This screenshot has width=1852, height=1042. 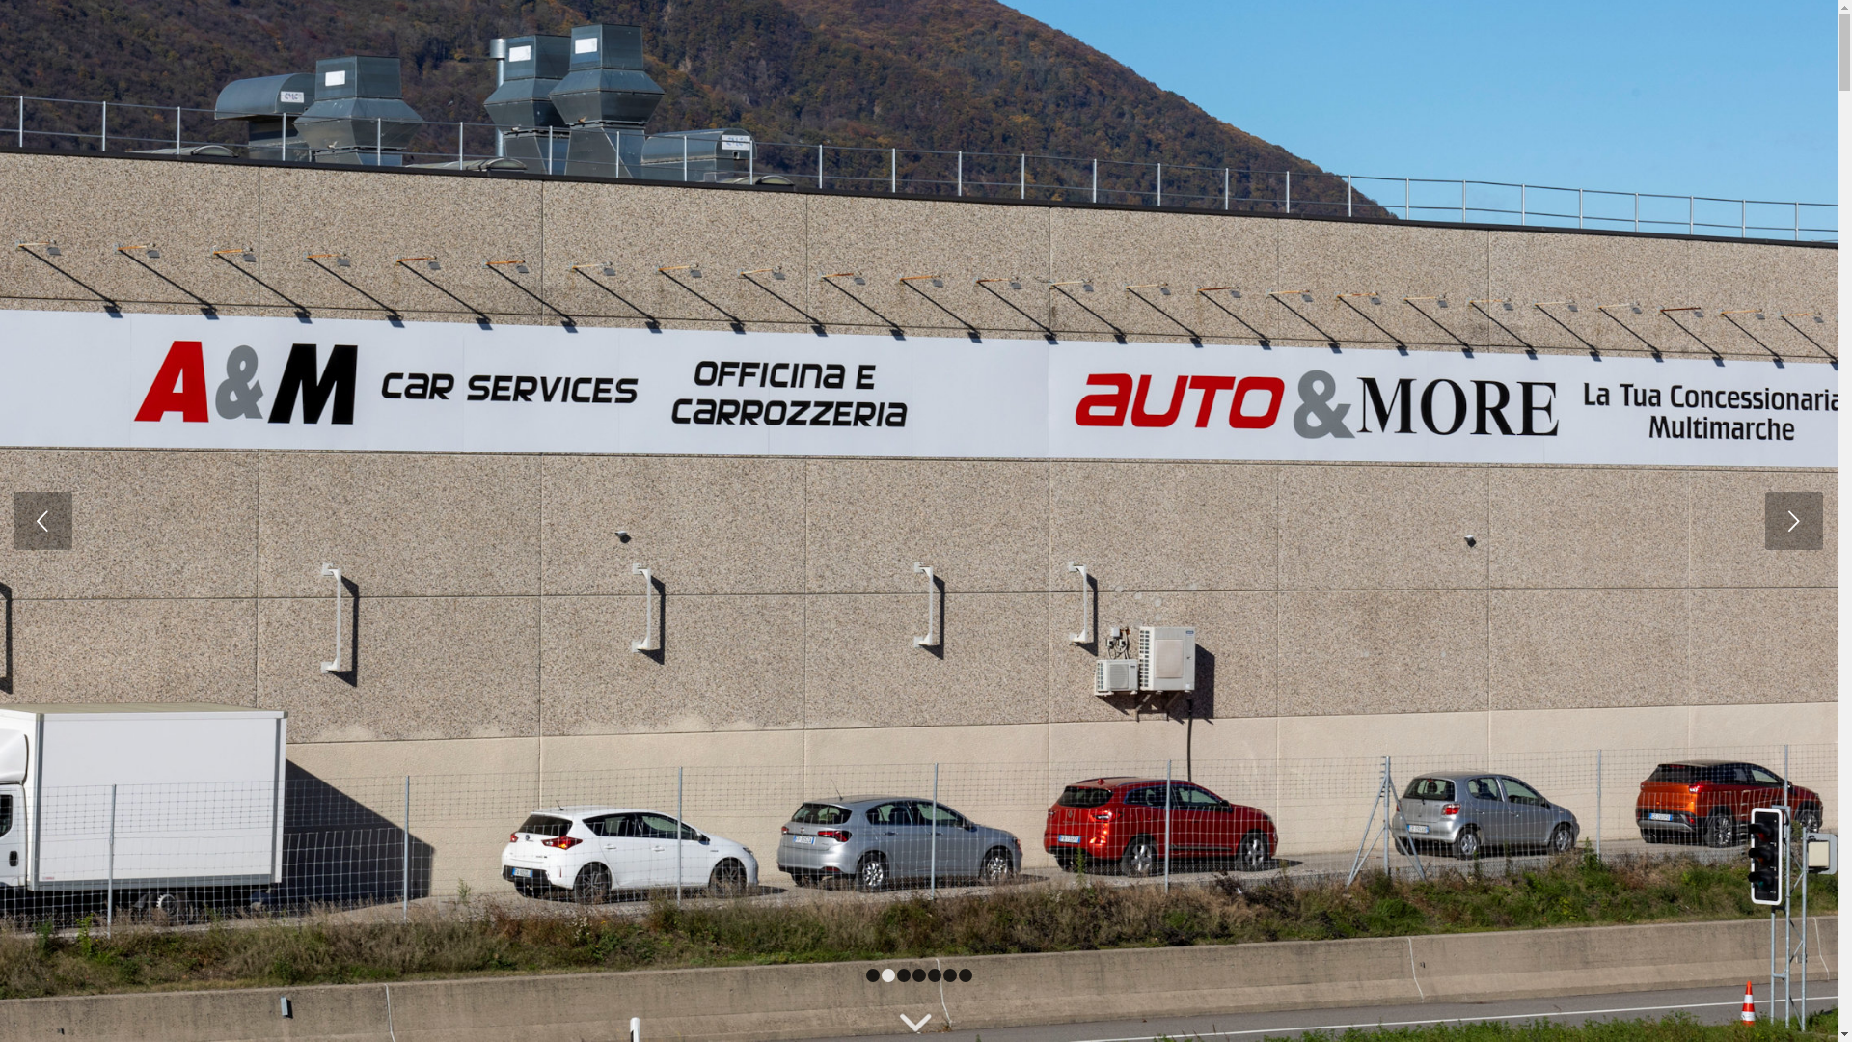 What do you see at coordinates (42, 521) in the screenshot?
I see `'Anteriore'` at bounding box center [42, 521].